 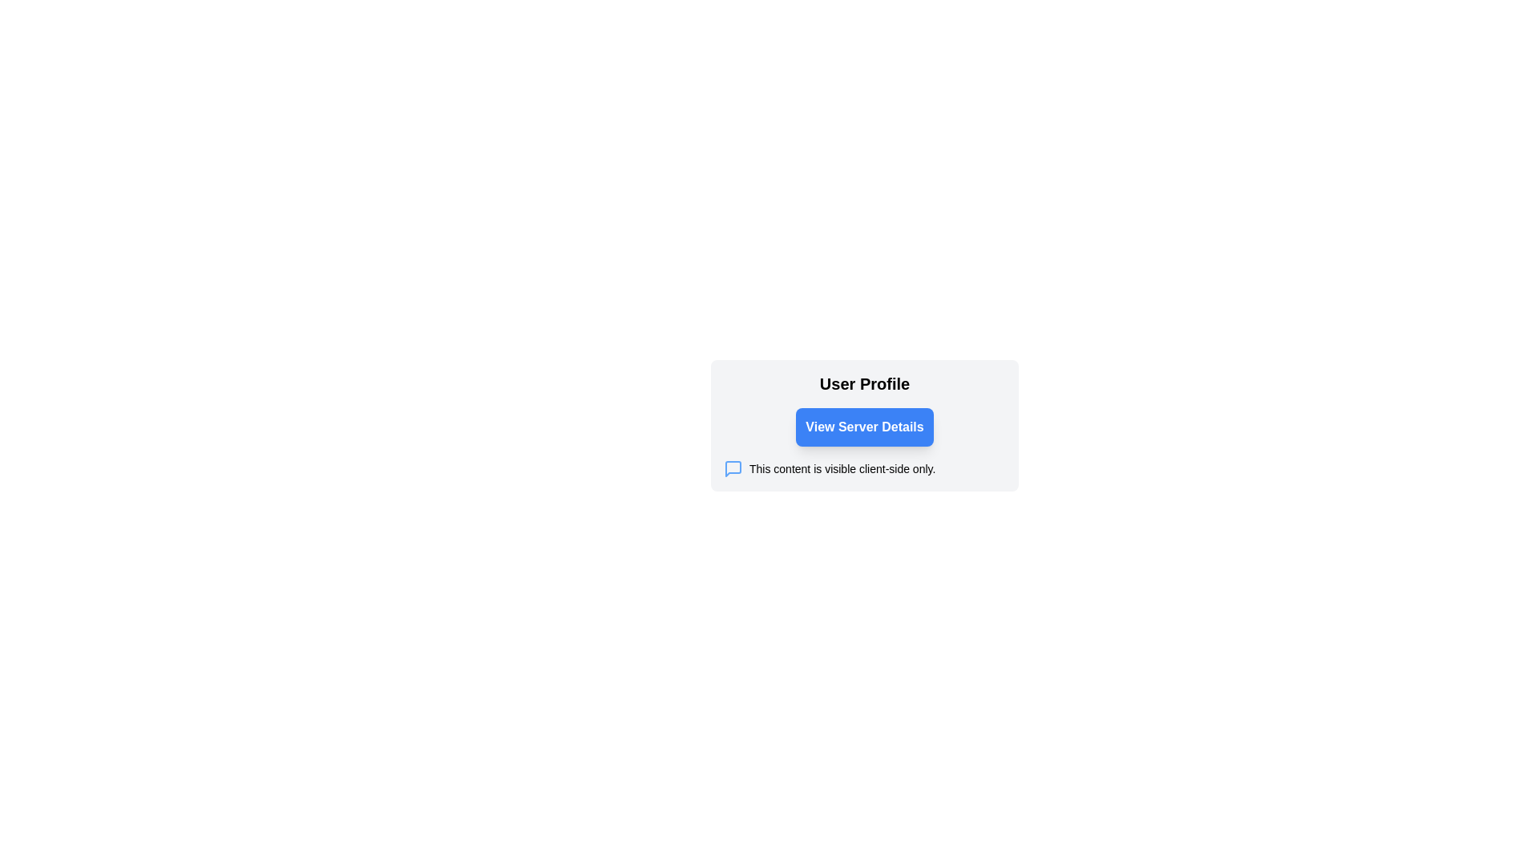 I want to click on the 'User Profile' heading, which is bold, larger than standard text, centered in black on a gray background, positioned above the 'View Server Details' button, so click(x=864, y=383).